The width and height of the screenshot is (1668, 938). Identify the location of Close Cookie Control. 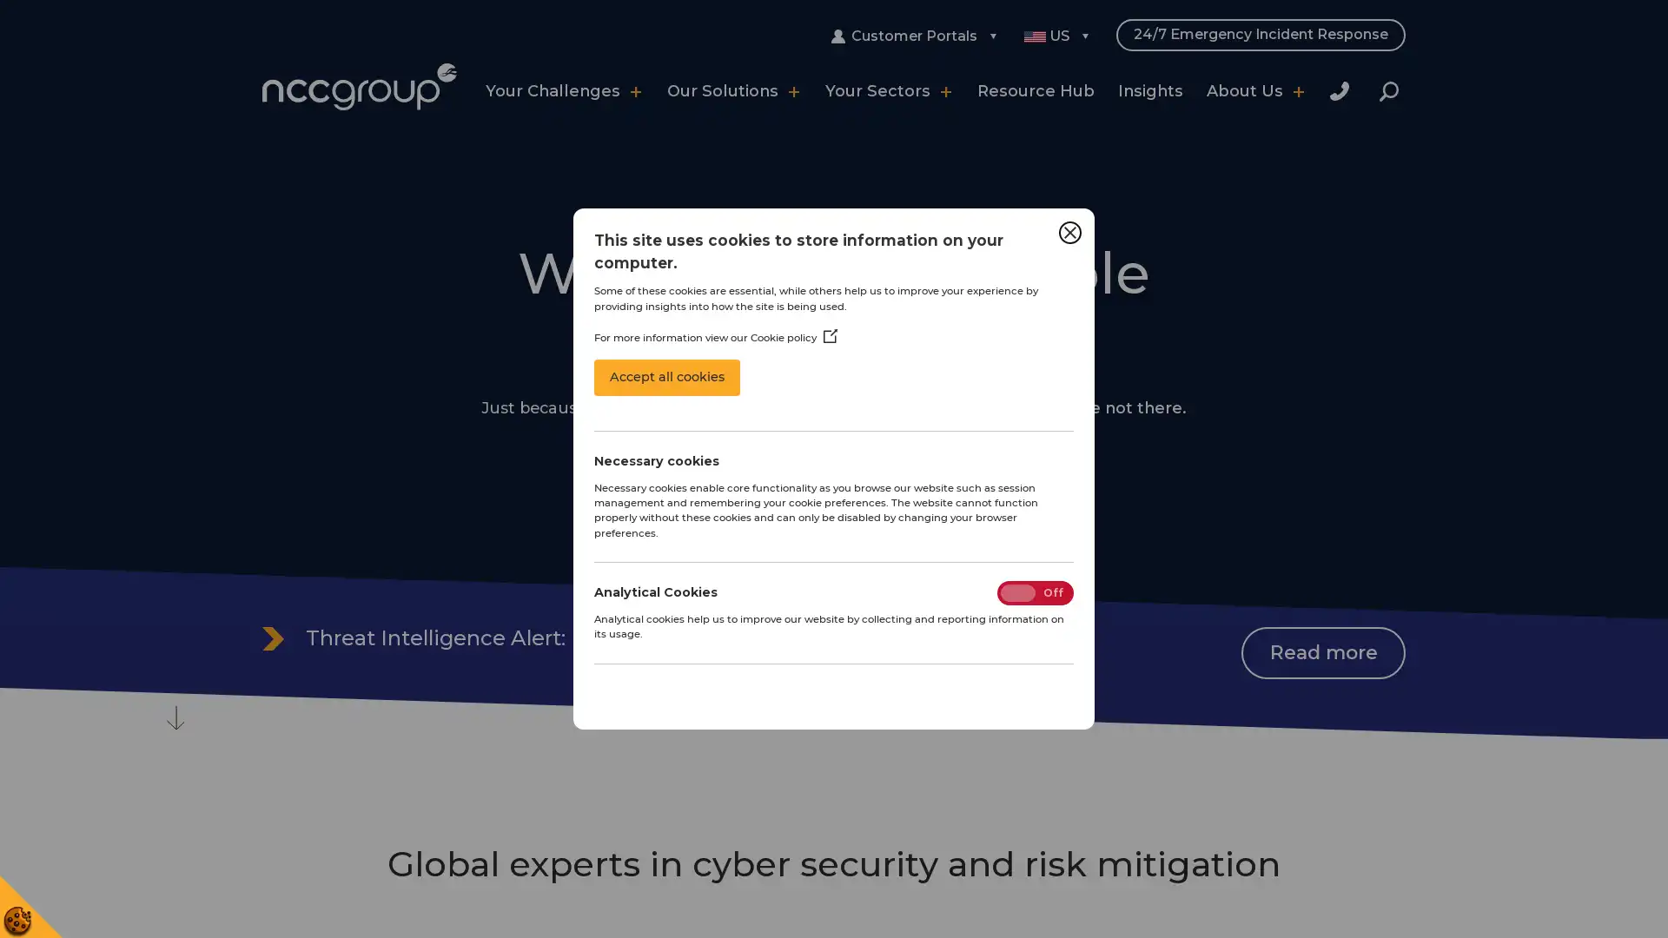
(1069, 231).